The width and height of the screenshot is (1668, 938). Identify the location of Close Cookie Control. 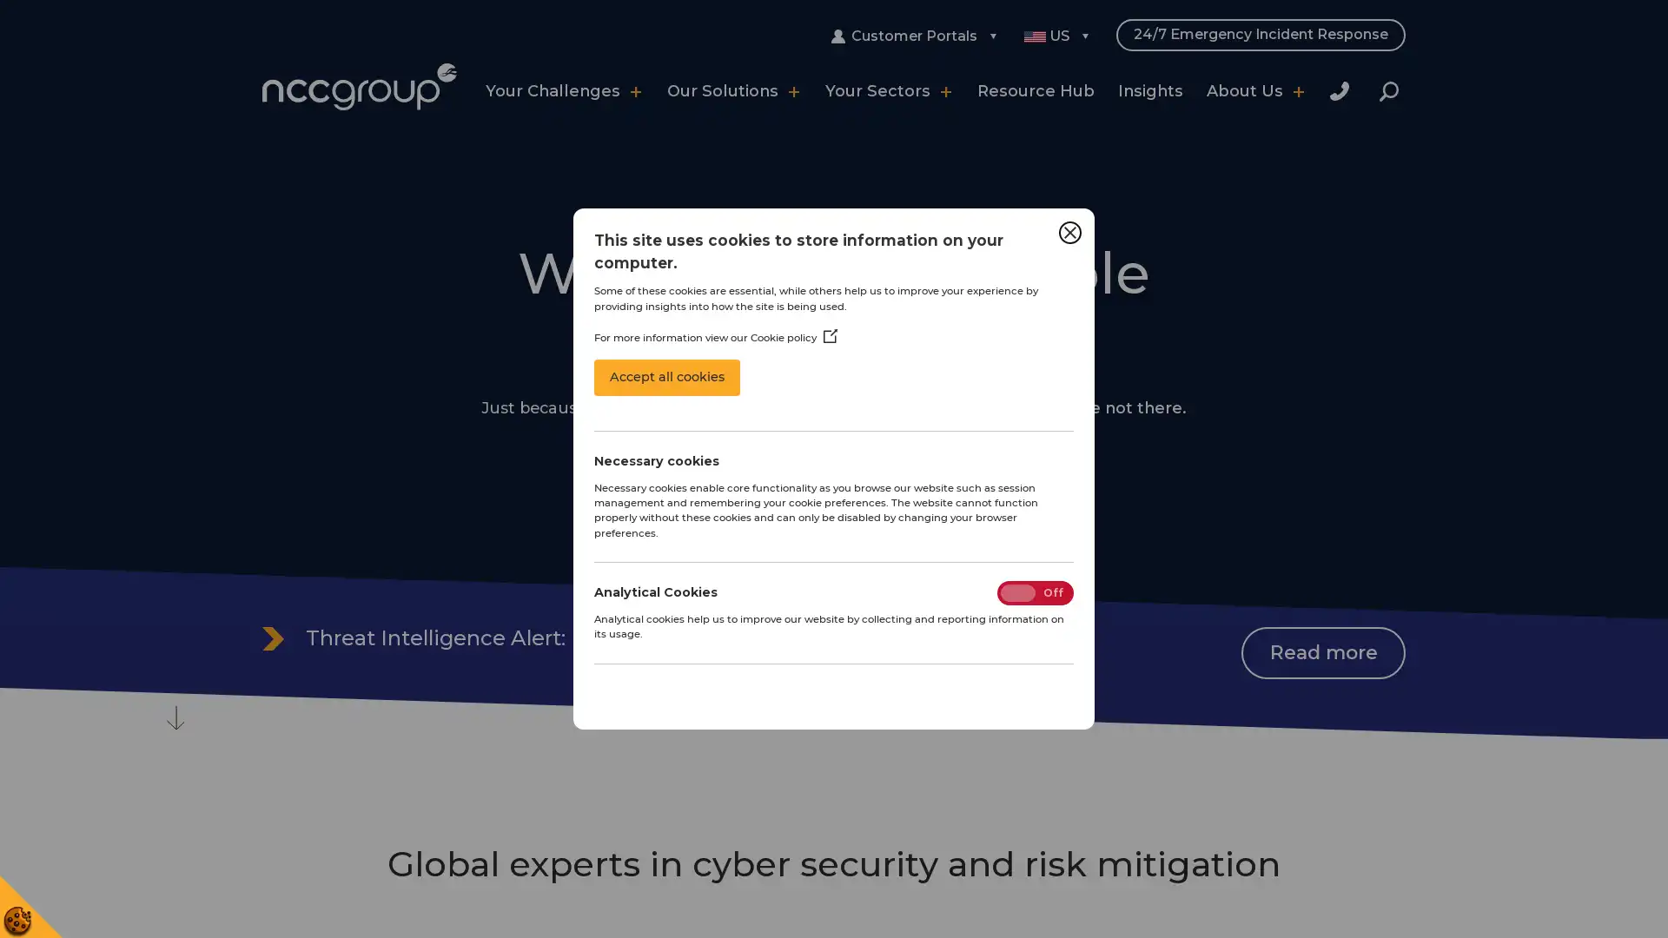
(1069, 231).